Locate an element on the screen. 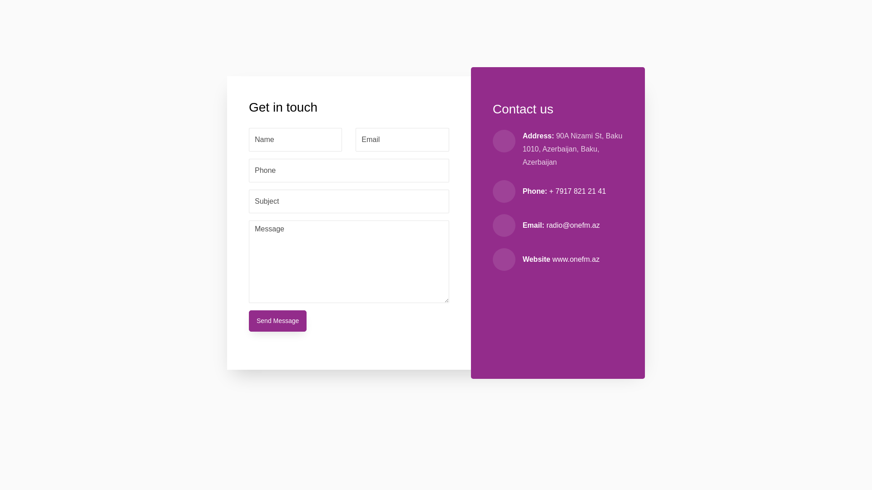 The width and height of the screenshot is (872, 490). 'Send Message' is located at coordinates (277, 320).